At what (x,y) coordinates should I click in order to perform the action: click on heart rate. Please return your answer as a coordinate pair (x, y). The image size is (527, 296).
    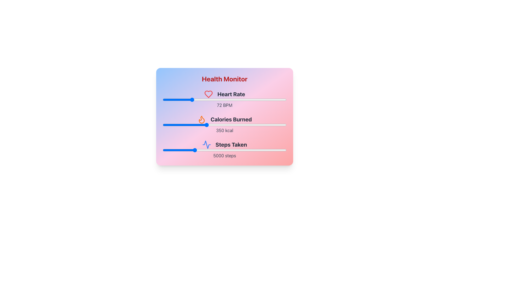
    Looking at the image, I should click on (208, 99).